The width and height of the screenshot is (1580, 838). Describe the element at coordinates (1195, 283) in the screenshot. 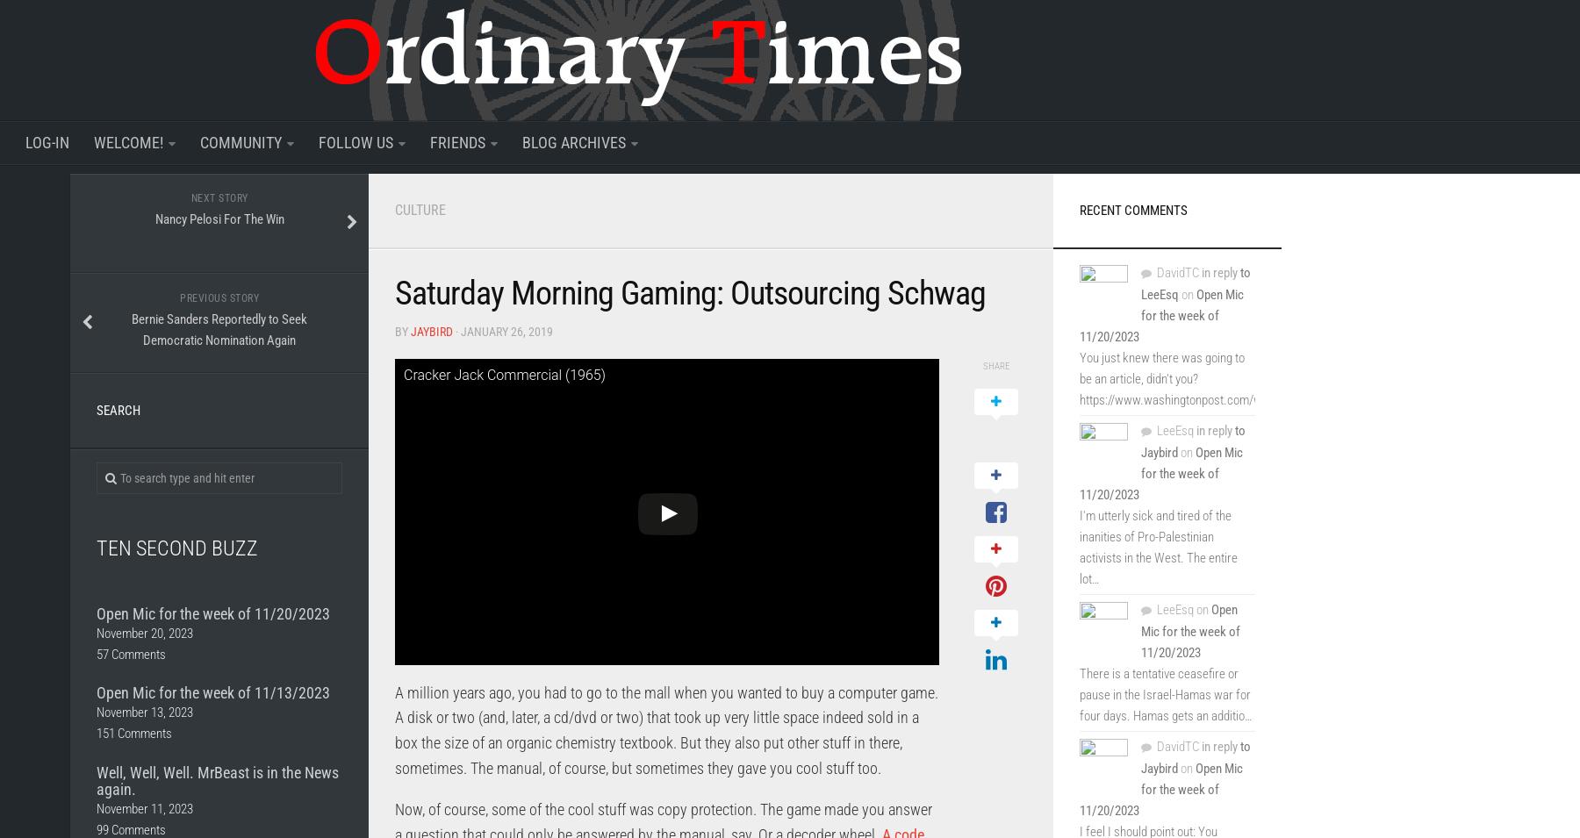

I see `'to LeeEsq'` at that location.